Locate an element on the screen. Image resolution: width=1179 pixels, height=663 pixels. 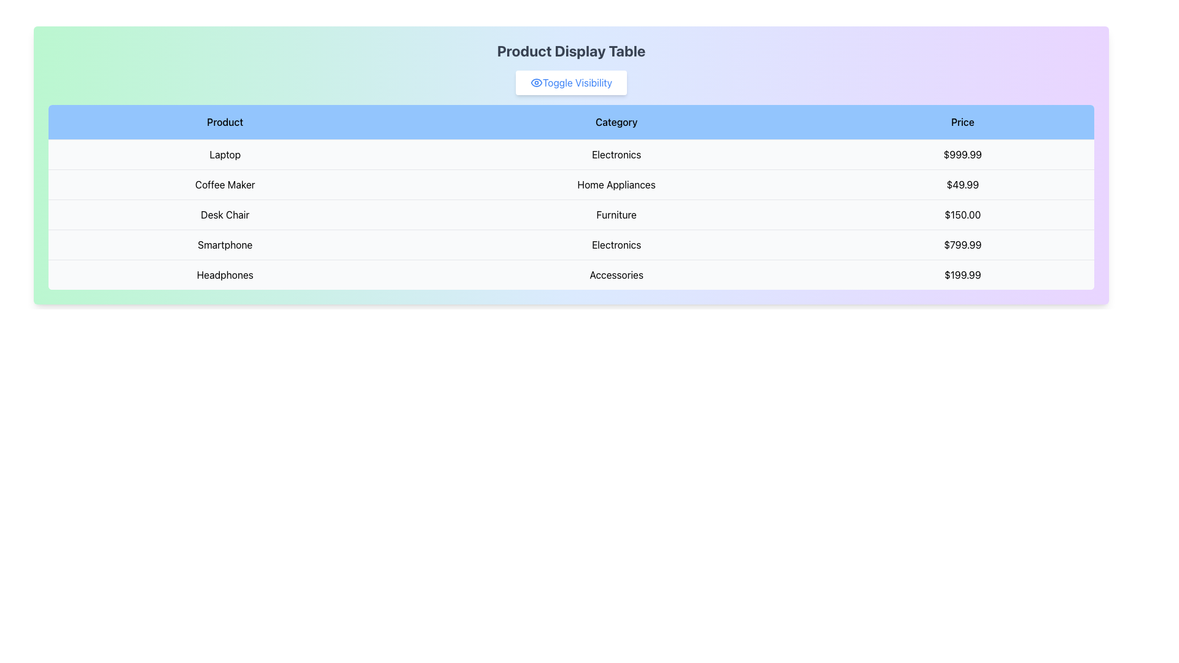
the Text Label that indicates the product category, located in the second column of a structured table layout, positioned between 'Smartphone' and '$799.99' is located at coordinates (617, 244).